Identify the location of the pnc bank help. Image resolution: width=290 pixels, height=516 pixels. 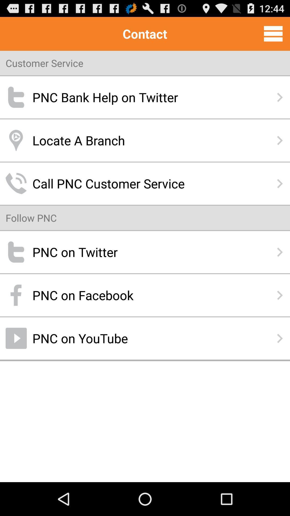
(145, 97).